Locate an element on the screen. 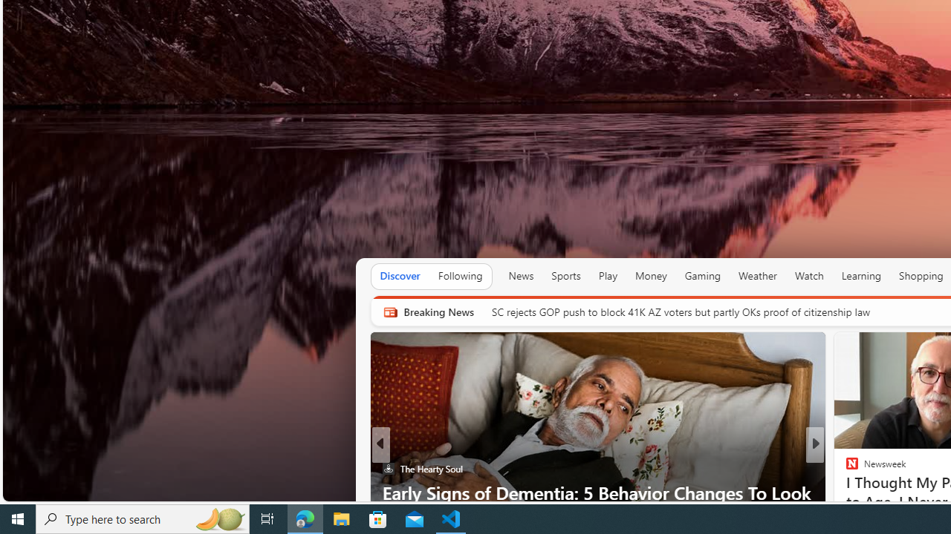  'Body Network' is located at coordinates (845, 469).